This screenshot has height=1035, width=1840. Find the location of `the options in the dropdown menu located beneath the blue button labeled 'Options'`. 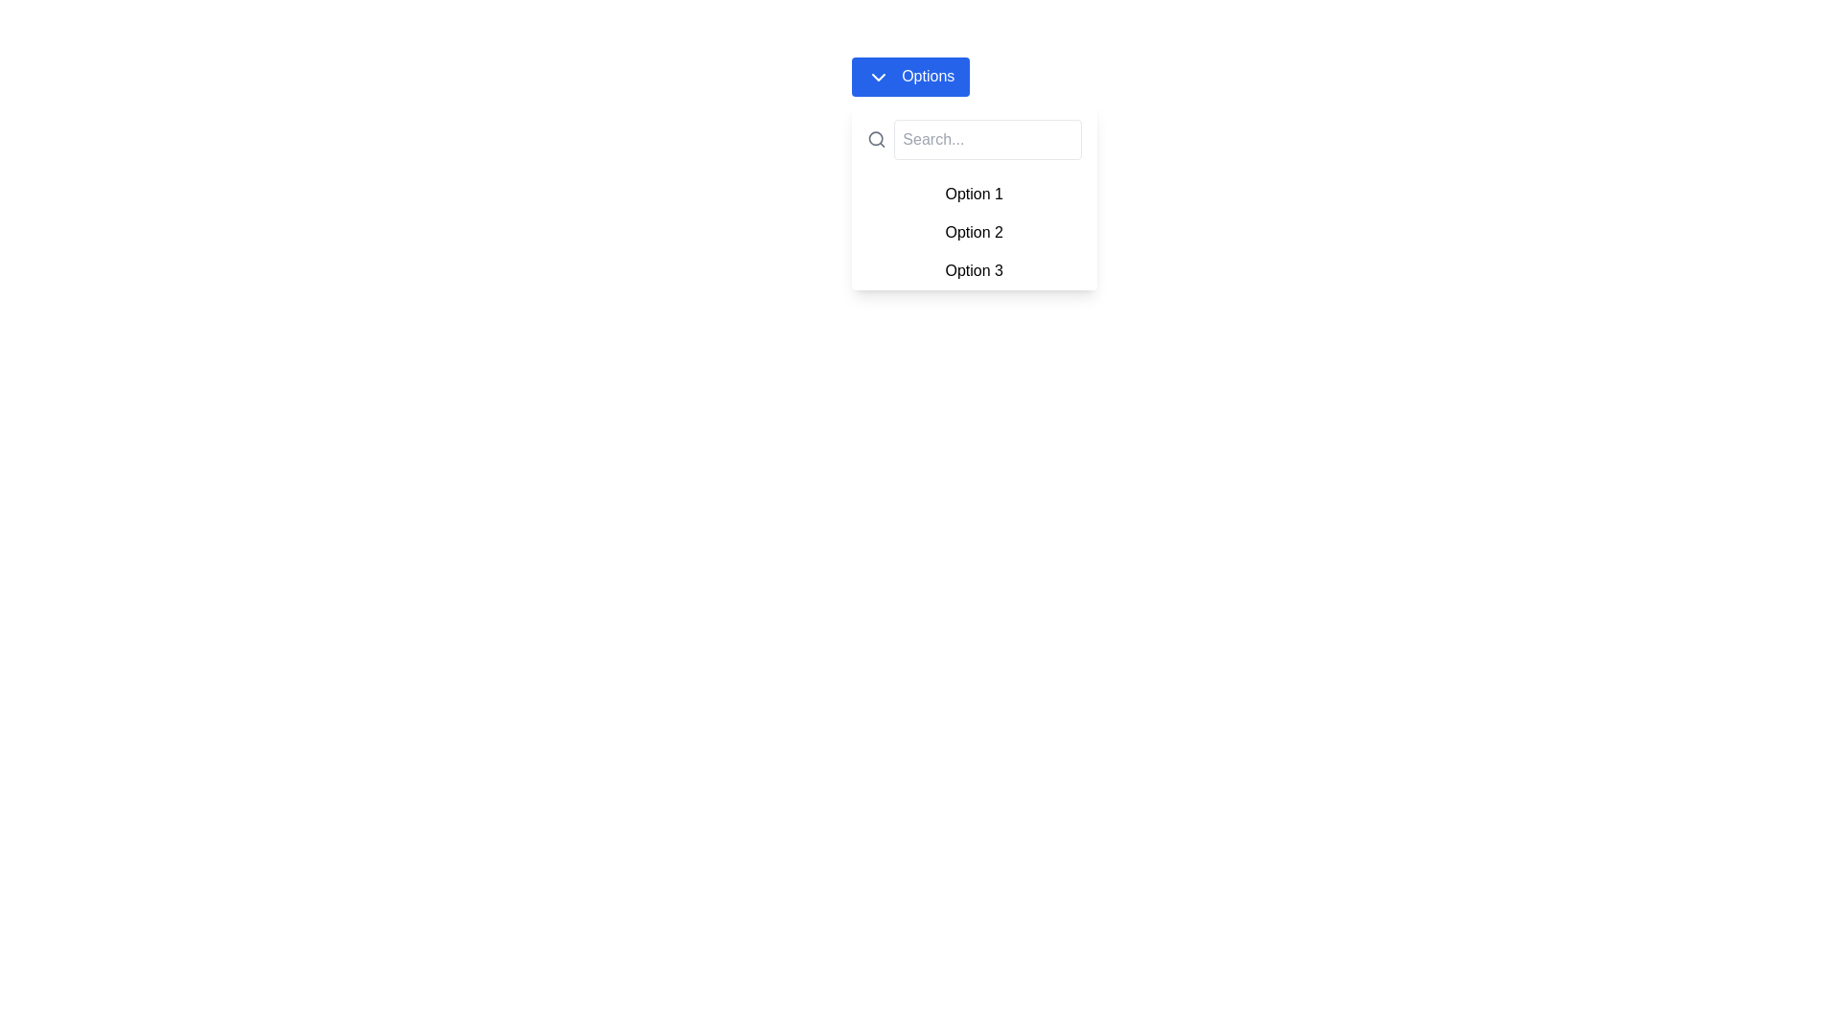

the options in the dropdown menu located beneath the blue button labeled 'Options' is located at coordinates (974, 196).